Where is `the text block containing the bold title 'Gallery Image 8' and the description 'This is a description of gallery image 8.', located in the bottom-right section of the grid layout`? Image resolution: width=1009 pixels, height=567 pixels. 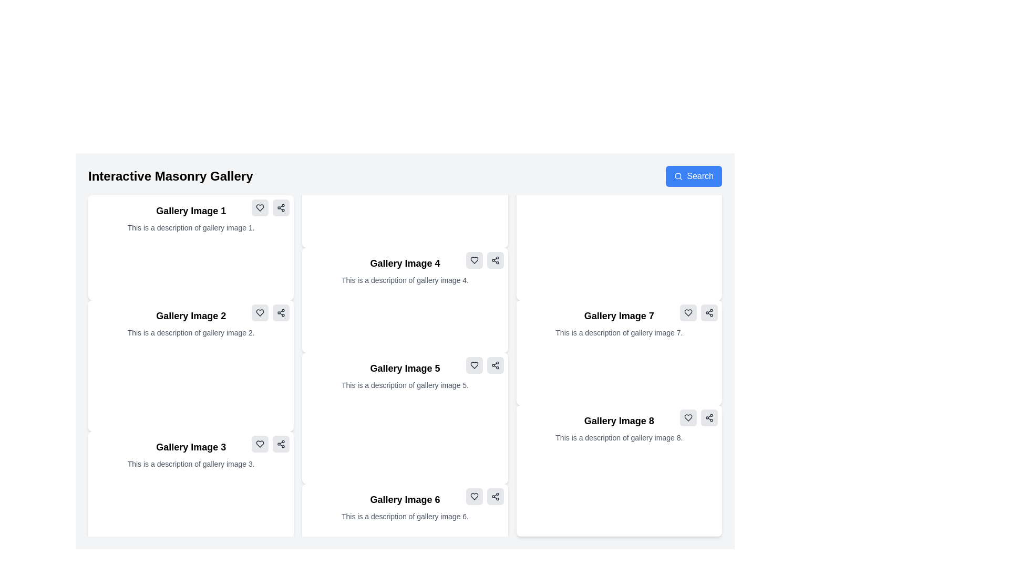
the text block containing the bold title 'Gallery Image 8' and the description 'This is a description of gallery image 8.', located in the bottom-right section of the grid layout is located at coordinates (619, 428).